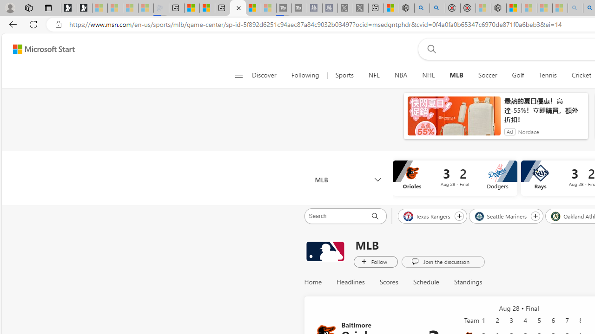 This screenshot has width=595, height=334. I want to click on 'MLB', so click(347, 180).